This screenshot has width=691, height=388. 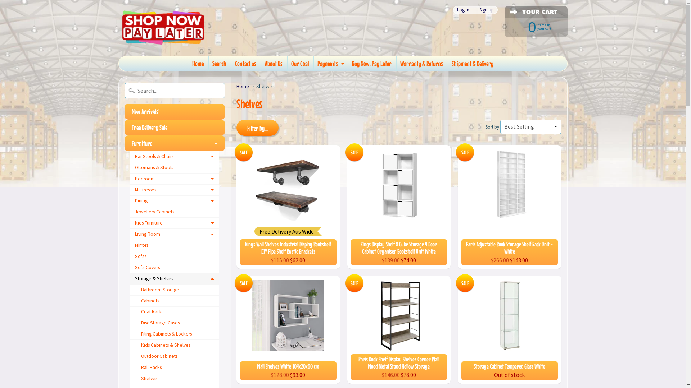 I want to click on 'Storage & Shelves', so click(x=175, y=278).